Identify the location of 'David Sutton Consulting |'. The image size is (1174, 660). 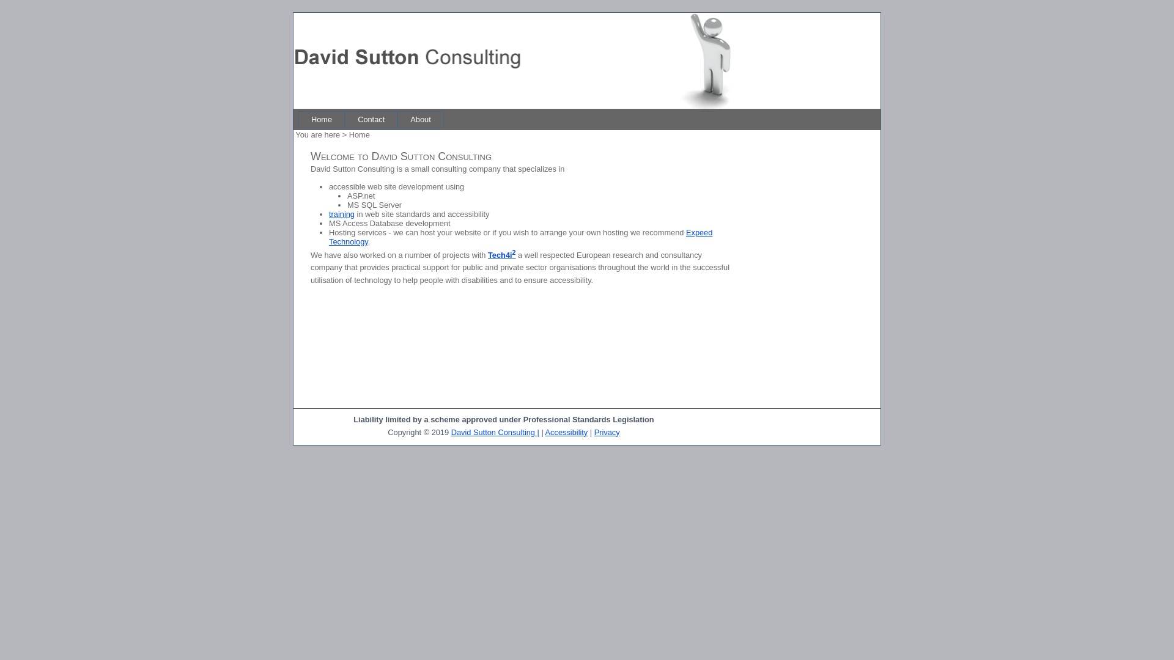
(495, 431).